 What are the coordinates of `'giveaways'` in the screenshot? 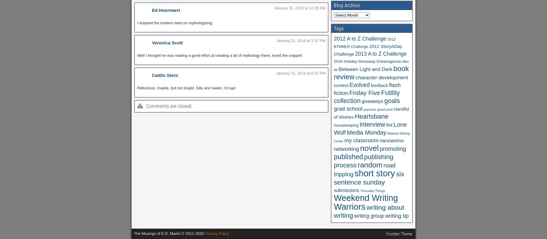 It's located at (372, 101).